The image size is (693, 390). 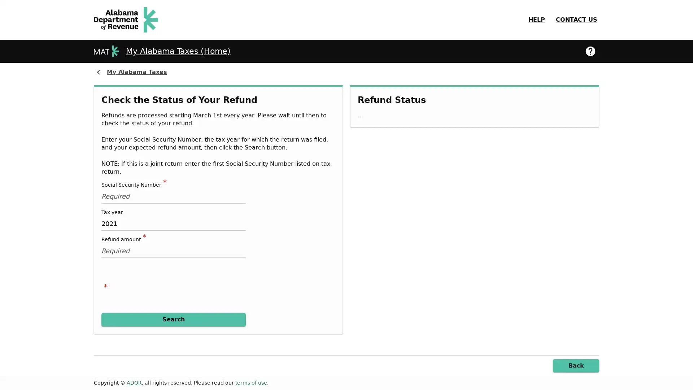 What do you see at coordinates (576, 365) in the screenshot?
I see `Back` at bounding box center [576, 365].